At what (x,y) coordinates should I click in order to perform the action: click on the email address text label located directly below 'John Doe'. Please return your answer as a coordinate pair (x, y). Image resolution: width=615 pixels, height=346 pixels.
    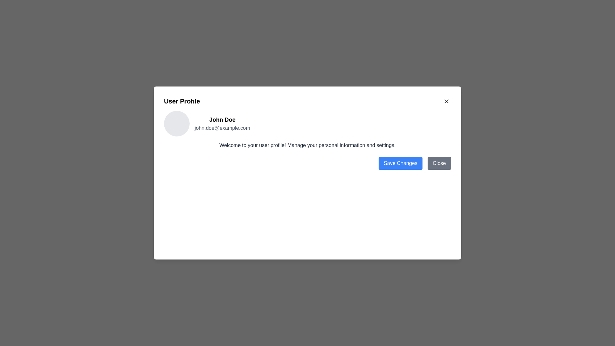
    Looking at the image, I should click on (222, 128).